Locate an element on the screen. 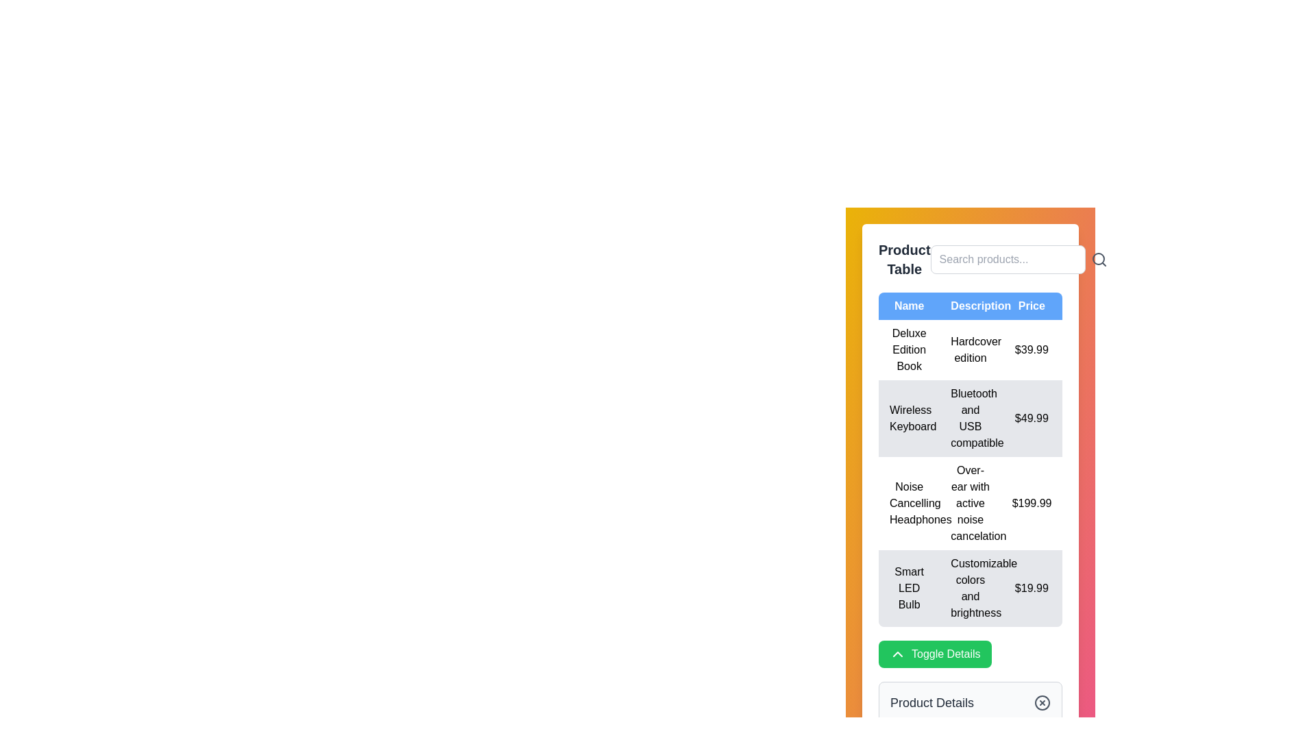 This screenshot has width=1316, height=740. text from the header label indicating descriptions for the listed items in the second header cell of the table is located at coordinates (970, 306).